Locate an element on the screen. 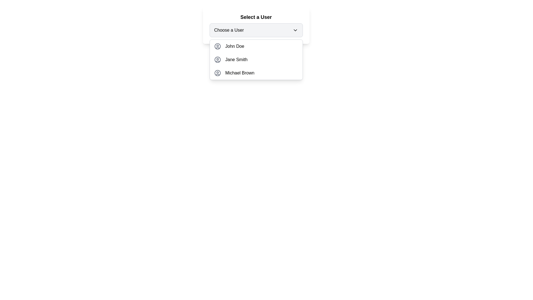 The width and height of the screenshot is (533, 300). the third option in the dropdown menu labeled 'Select a User' is located at coordinates (256, 72).